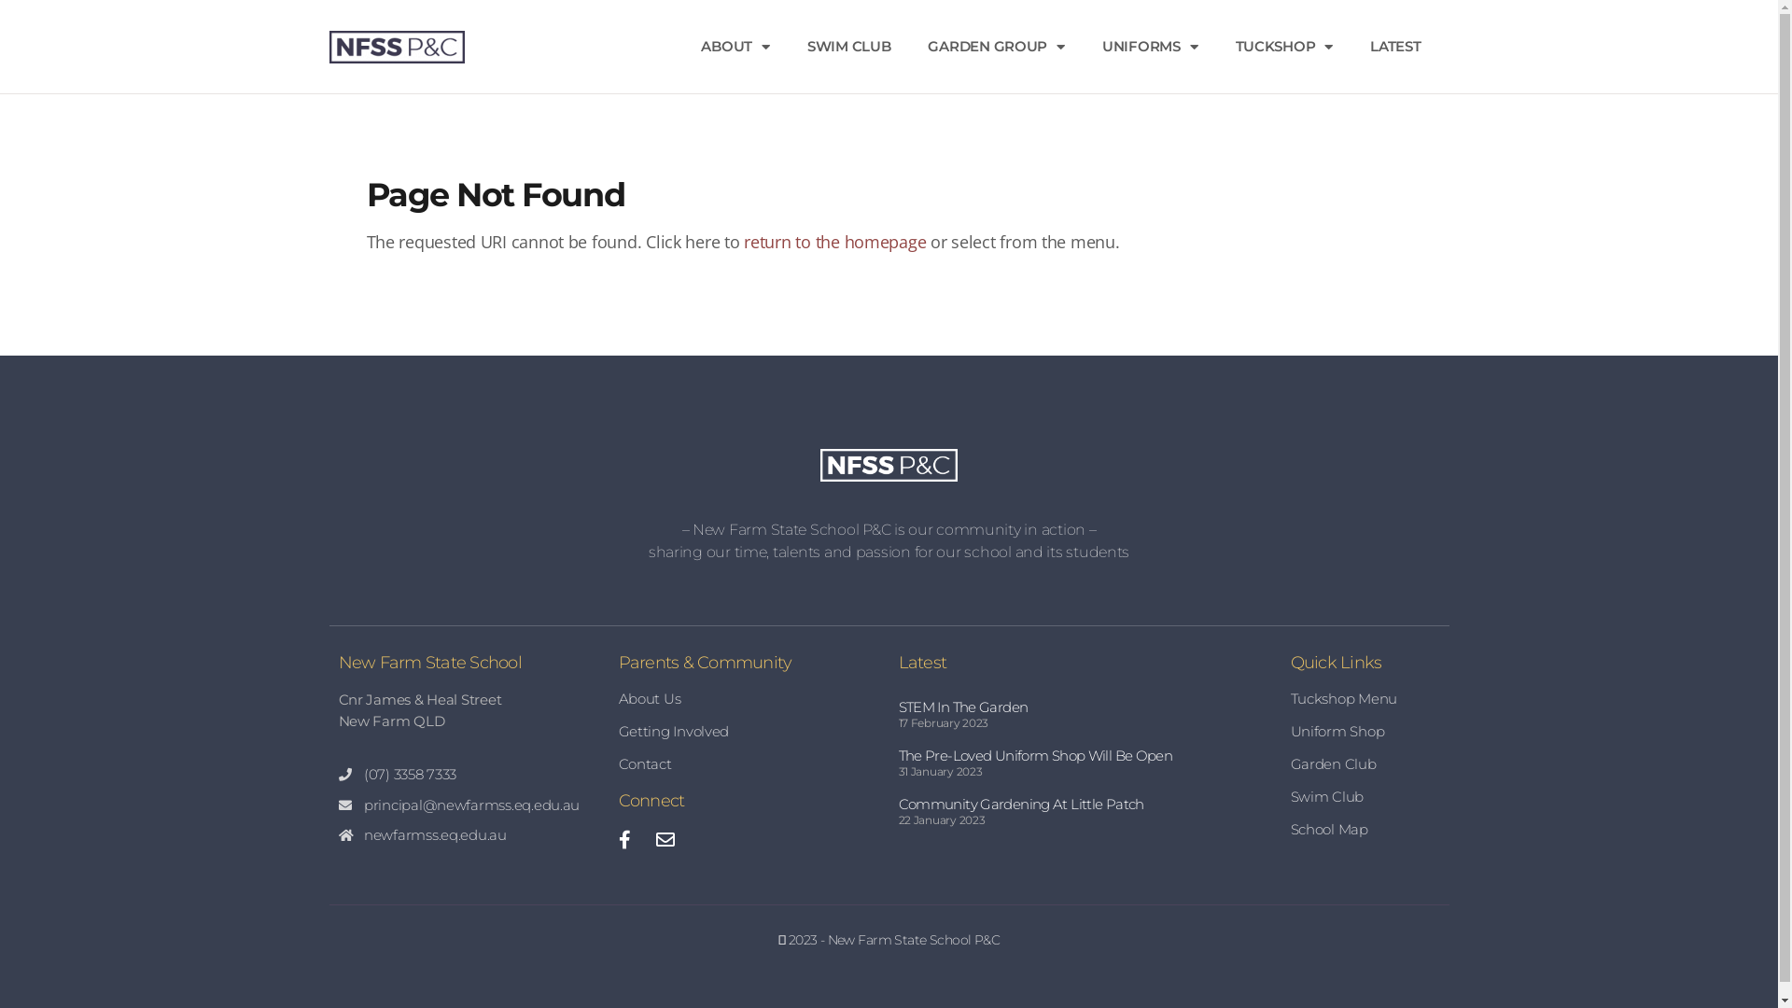  What do you see at coordinates (995, 46) in the screenshot?
I see `'GARDEN GROUP'` at bounding box center [995, 46].